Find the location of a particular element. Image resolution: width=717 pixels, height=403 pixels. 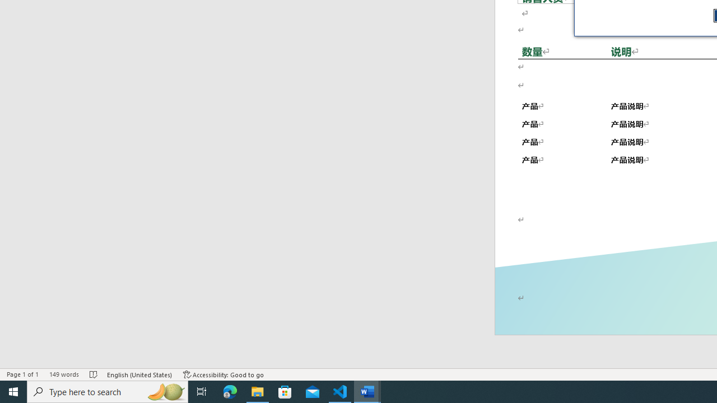

'Spelling and Grammar Check No Errors' is located at coordinates (94, 374).